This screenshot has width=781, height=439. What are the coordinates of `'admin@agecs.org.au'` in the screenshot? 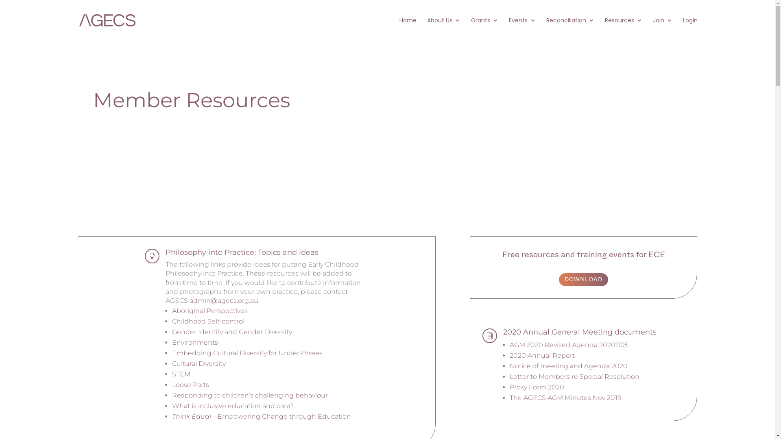 It's located at (224, 300).